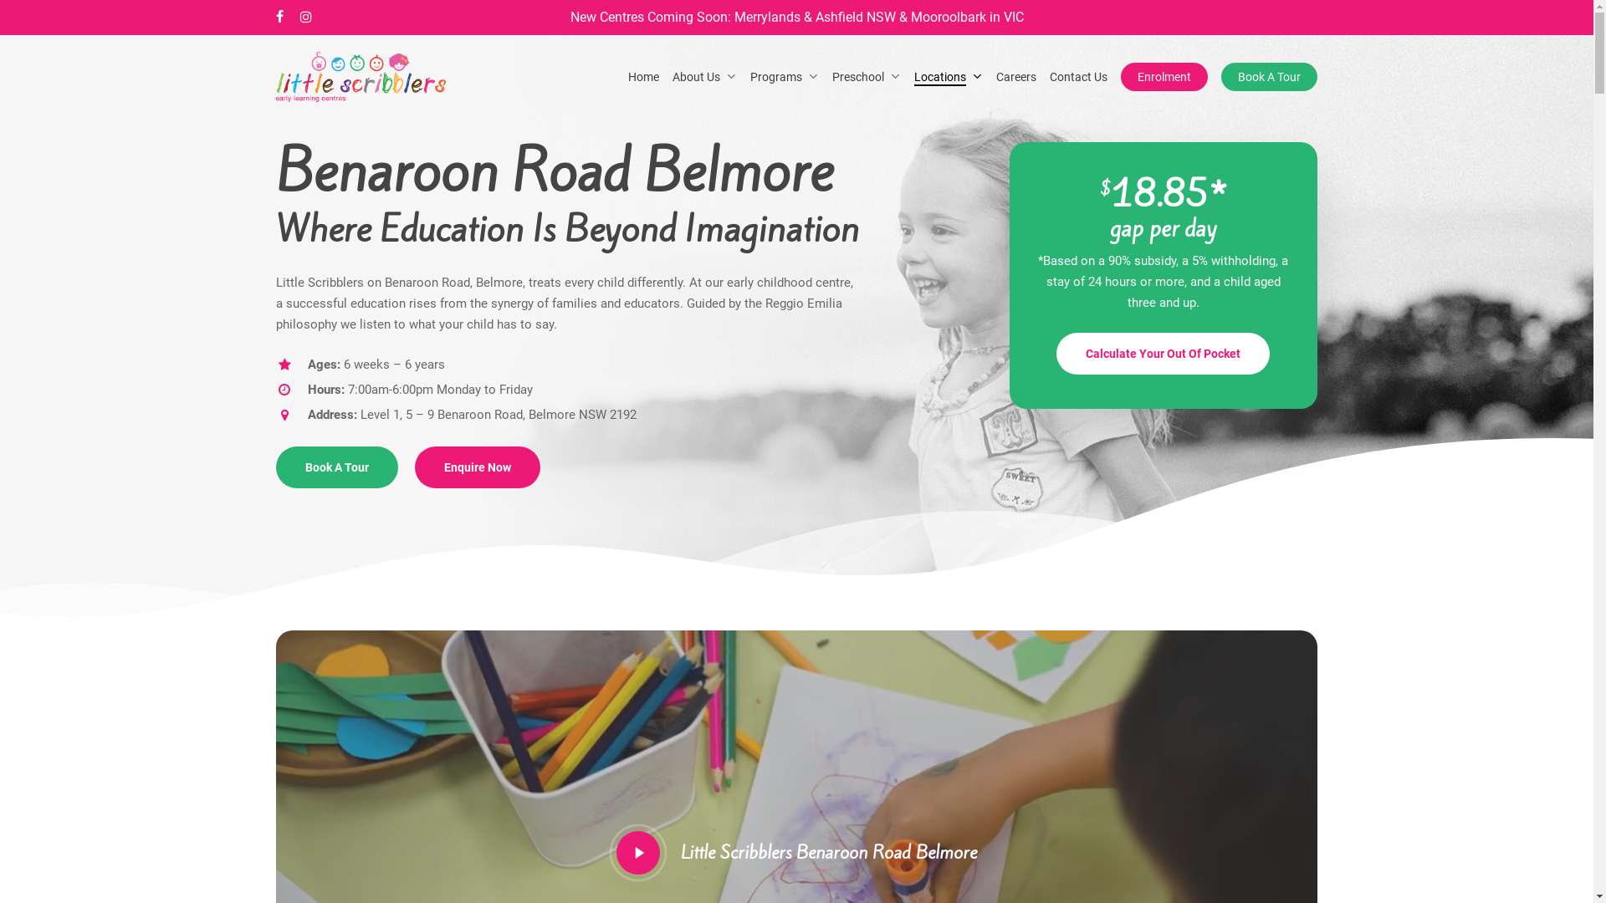 The image size is (1606, 903). I want to click on 'Enrolment', so click(1164, 77).